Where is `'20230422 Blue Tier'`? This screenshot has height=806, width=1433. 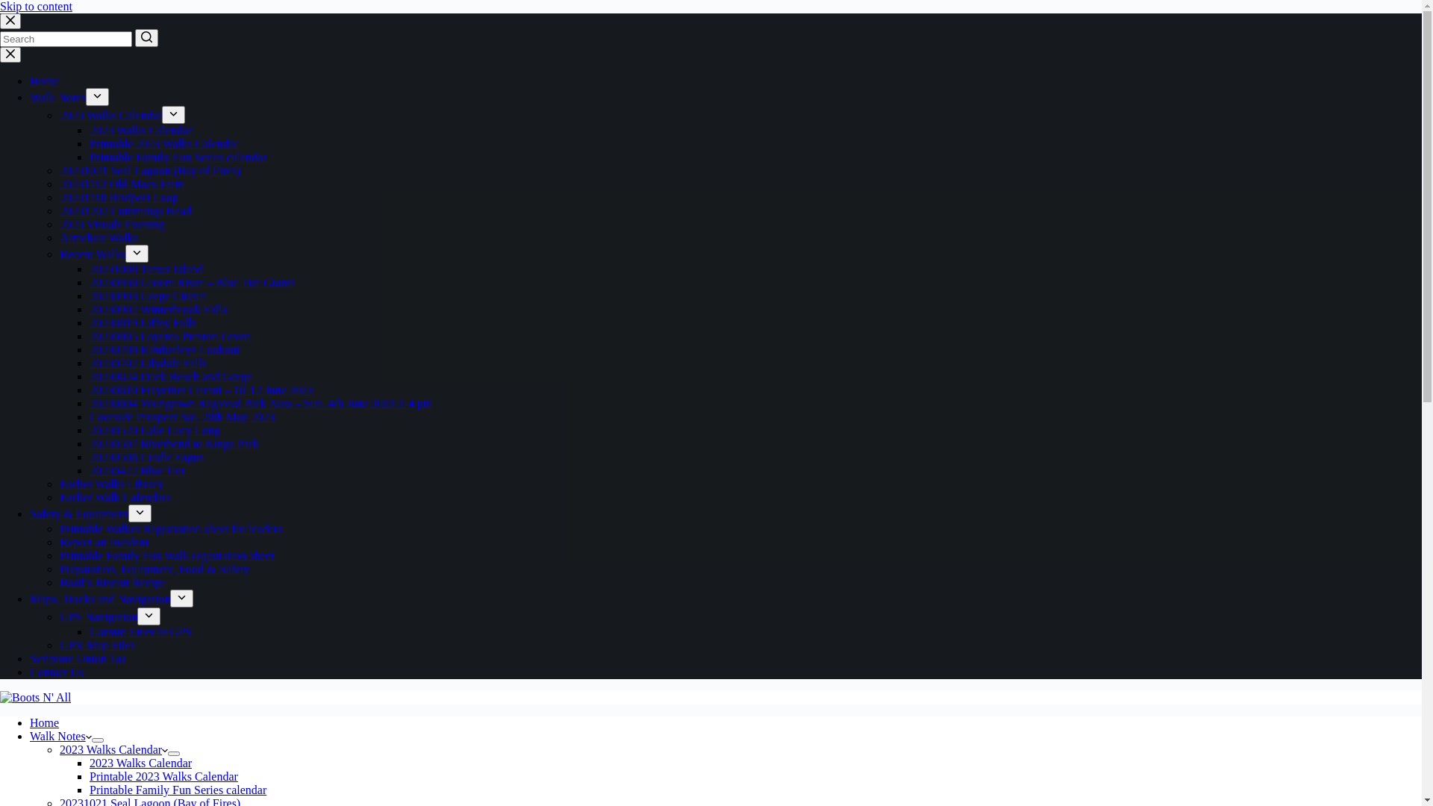
'20230422 Blue Tier' is located at coordinates (137, 470).